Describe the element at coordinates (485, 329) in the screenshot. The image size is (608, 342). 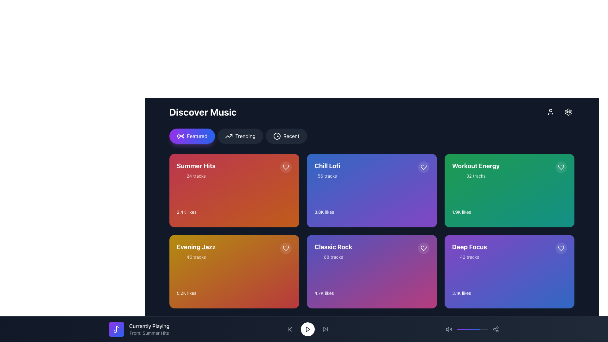
I see `volume level` at that location.